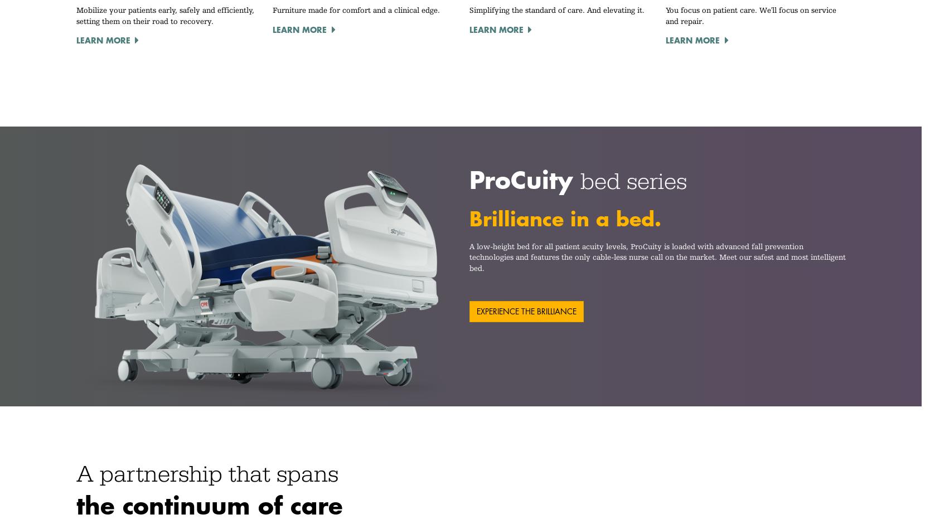 The image size is (930, 524). Describe the element at coordinates (476, 311) in the screenshot. I see `'Experience the brilliance'` at that location.